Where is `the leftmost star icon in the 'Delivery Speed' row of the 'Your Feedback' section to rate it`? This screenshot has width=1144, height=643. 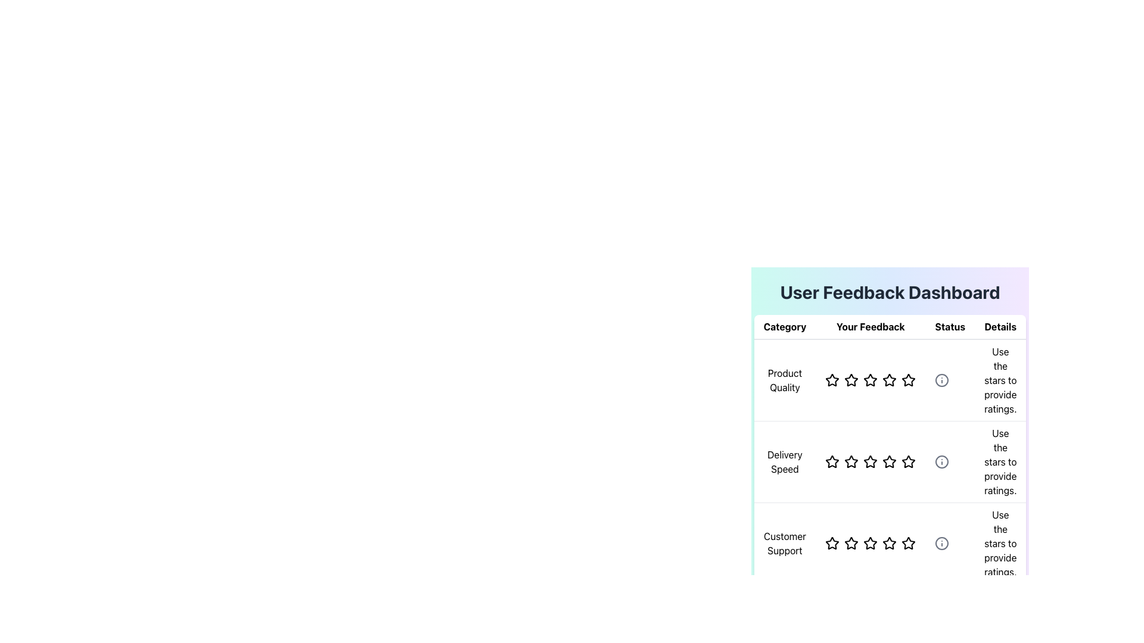 the leftmost star icon in the 'Delivery Speed' row of the 'Your Feedback' section to rate it is located at coordinates (831, 461).